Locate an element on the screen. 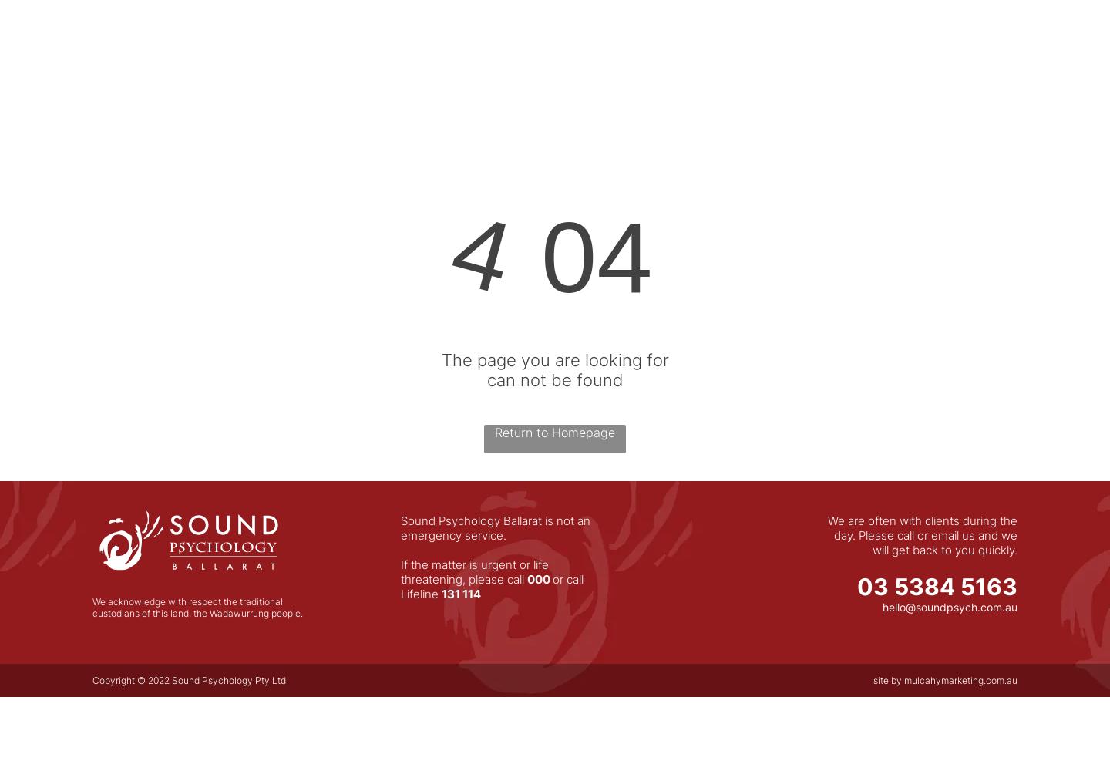 The height and width of the screenshot is (771, 1110). 'mulcahymarketing.com.au' is located at coordinates (960, 680).